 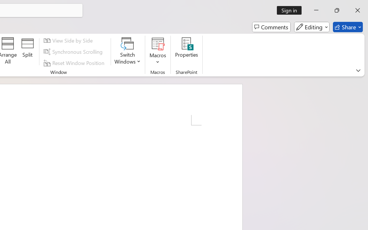 I want to click on 'Sign in', so click(x=291, y=10).